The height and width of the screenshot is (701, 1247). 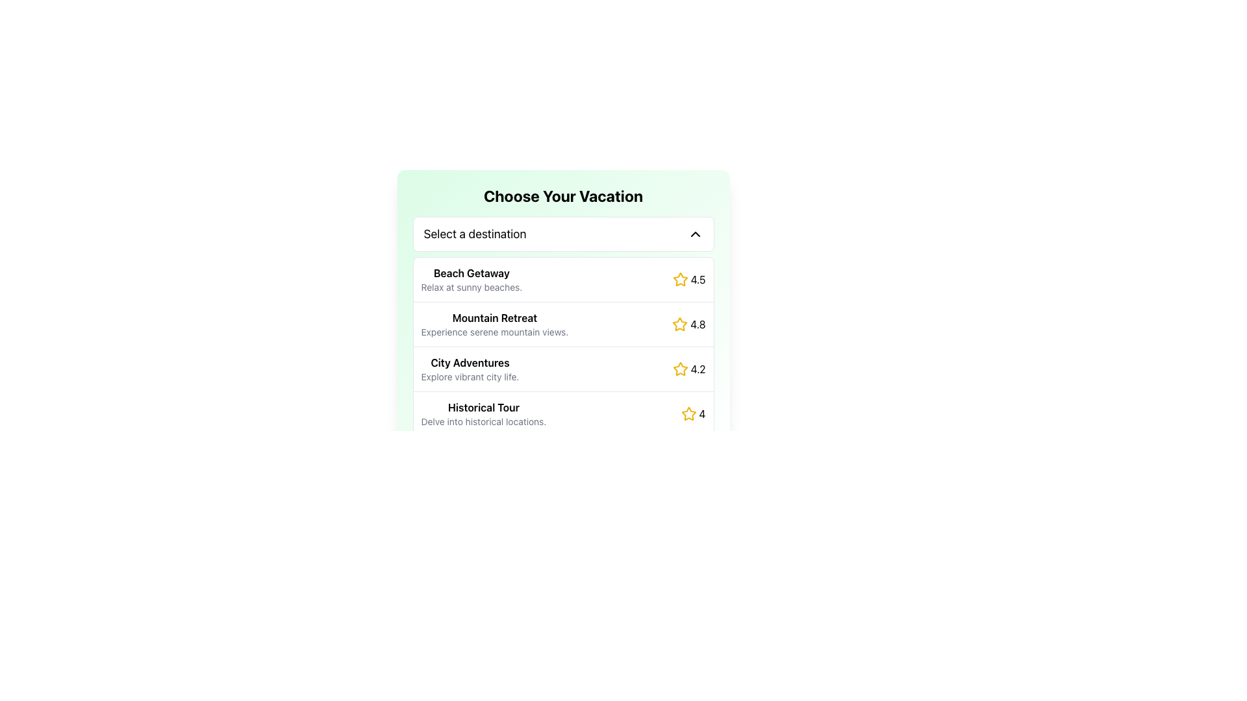 What do you see at coordinates (688, 369) in the screenshot?
I see `the Rating display component showing '4.2' next to the yellow star icon, located on the right side of the 'City Adventures' row` at bounding box center [688, 369].